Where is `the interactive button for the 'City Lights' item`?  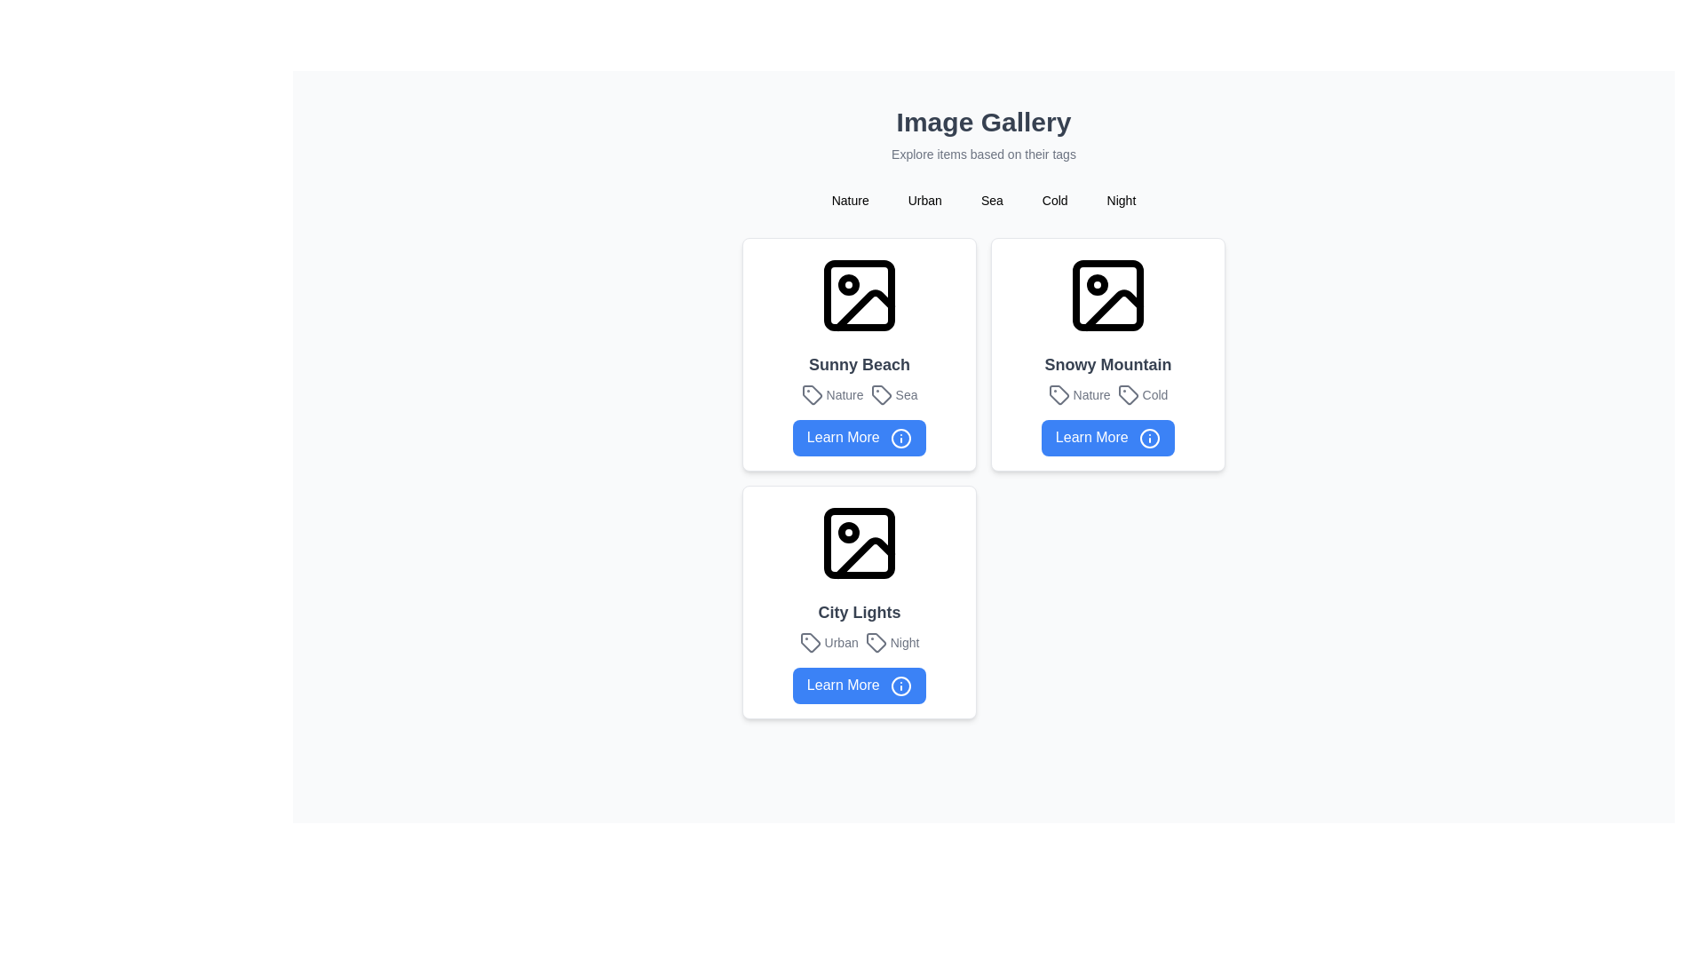 the interactive button for the 'City Lights' item is located at coordinates (860, 685).